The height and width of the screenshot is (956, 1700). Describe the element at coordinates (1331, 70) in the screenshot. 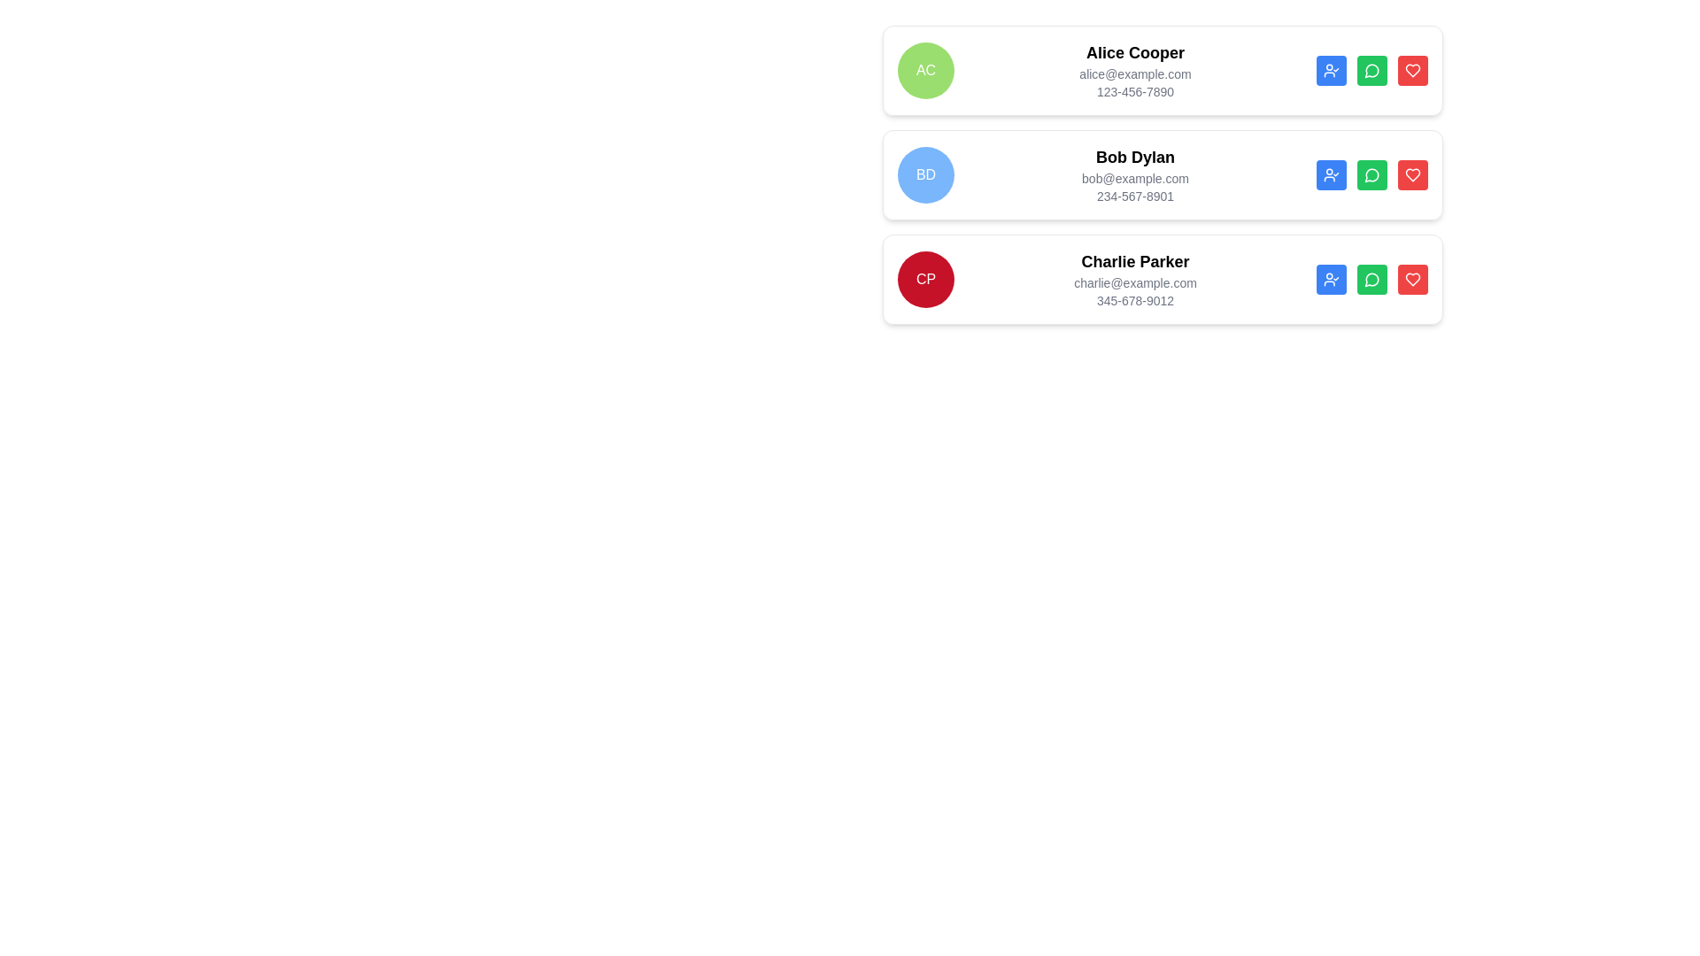

I see `the blue button containing the SVG icon for approving or confirming the contact 'Alice Cooper'` at that location.